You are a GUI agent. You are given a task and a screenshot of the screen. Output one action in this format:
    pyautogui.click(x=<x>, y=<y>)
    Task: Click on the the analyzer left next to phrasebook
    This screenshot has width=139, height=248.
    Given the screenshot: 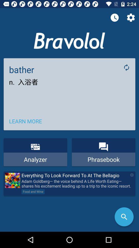 What is the action you would take?
    pyautogui.click(x=35, y=152)
    